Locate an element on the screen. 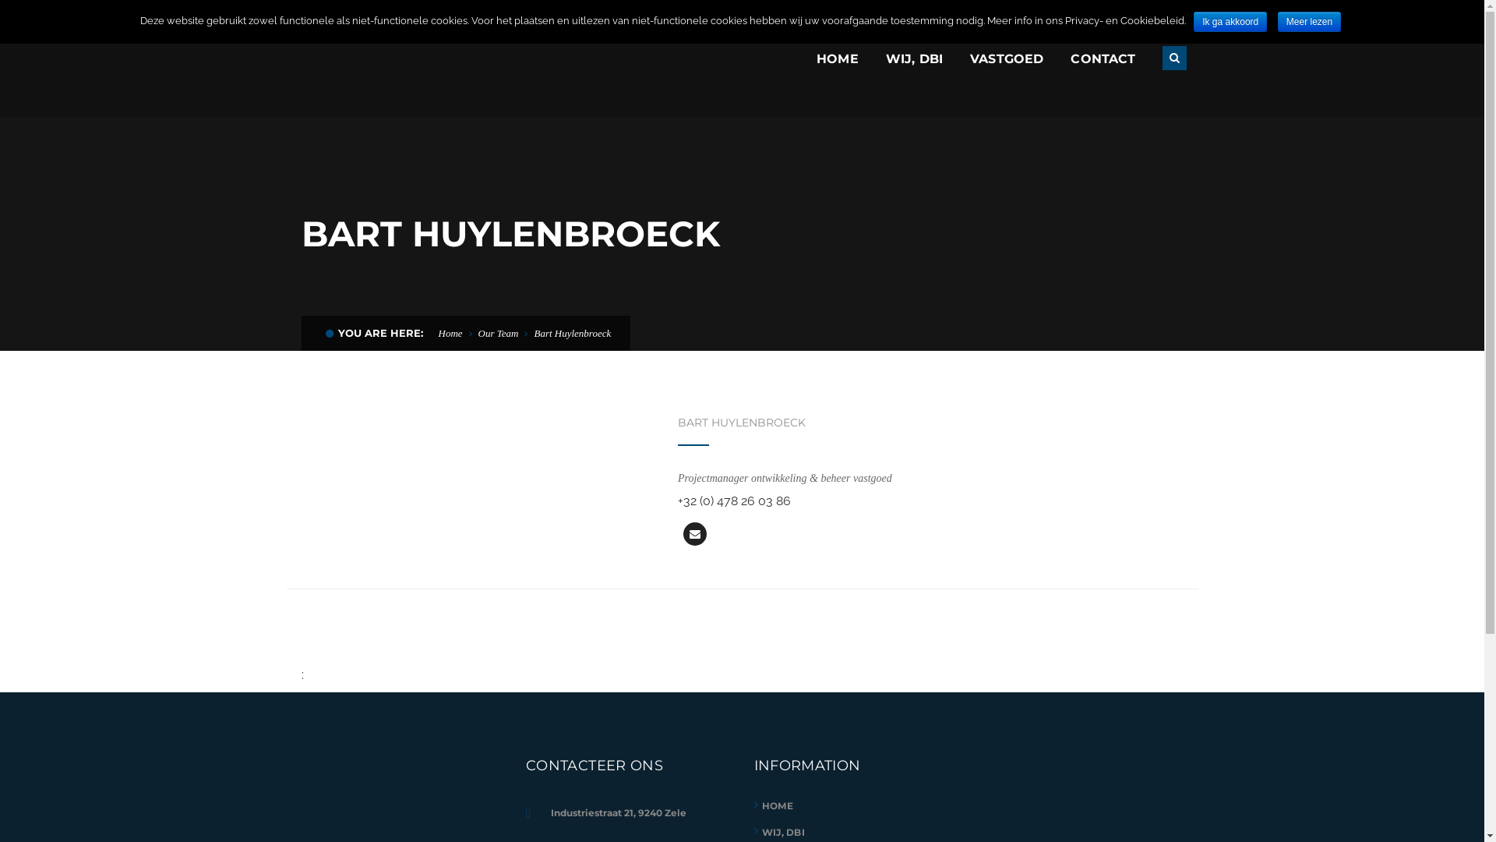 The width and height of the screenshot is (1496, 842). 'Email' is located at coordinates (683, 533).